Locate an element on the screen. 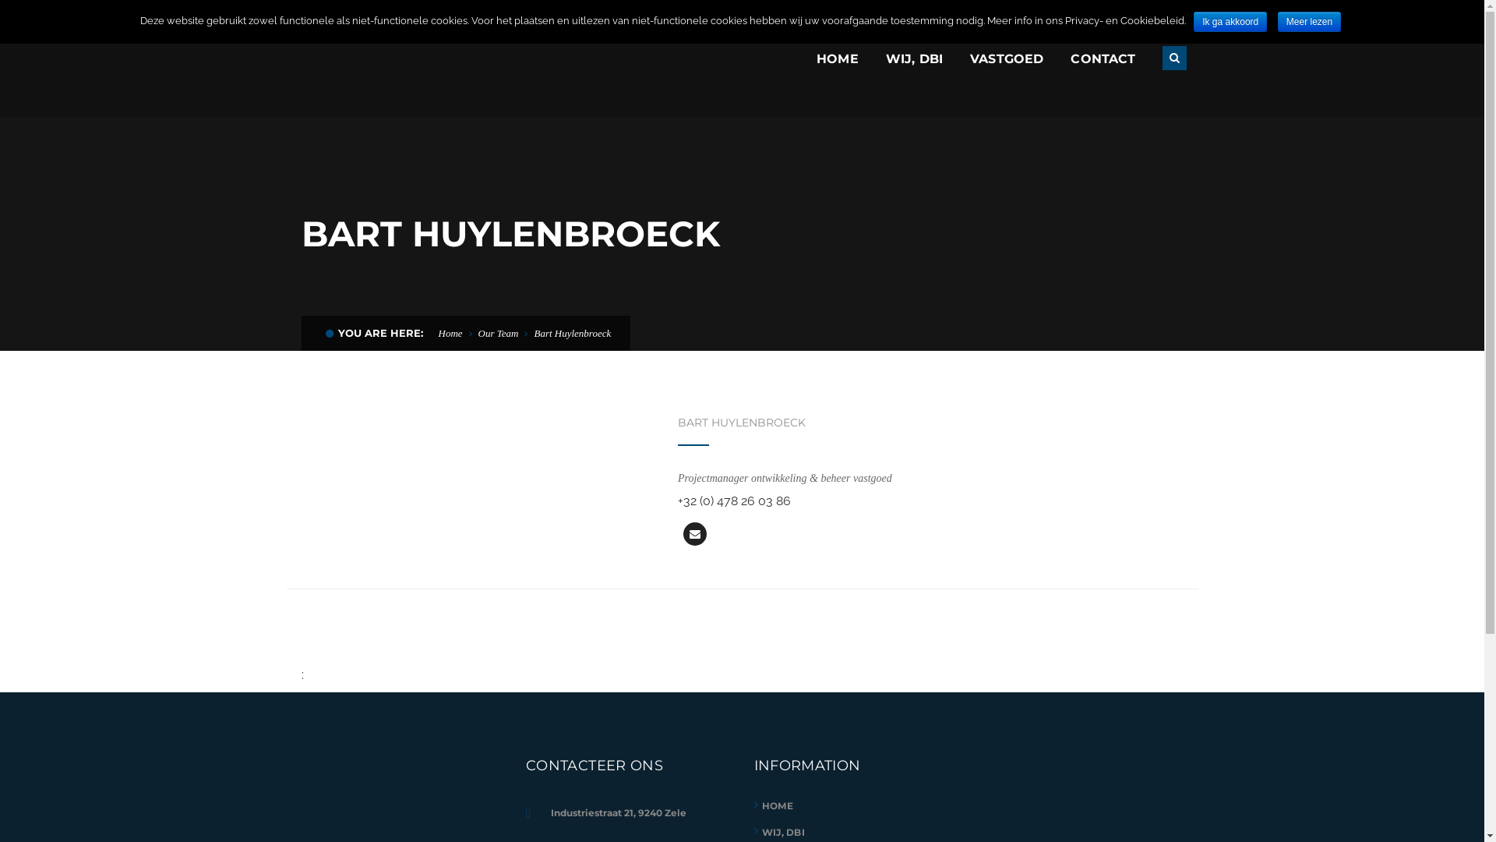 The width and height of the screenshot is (1496, 842). 'Email' is located at coordinates (683, 533).